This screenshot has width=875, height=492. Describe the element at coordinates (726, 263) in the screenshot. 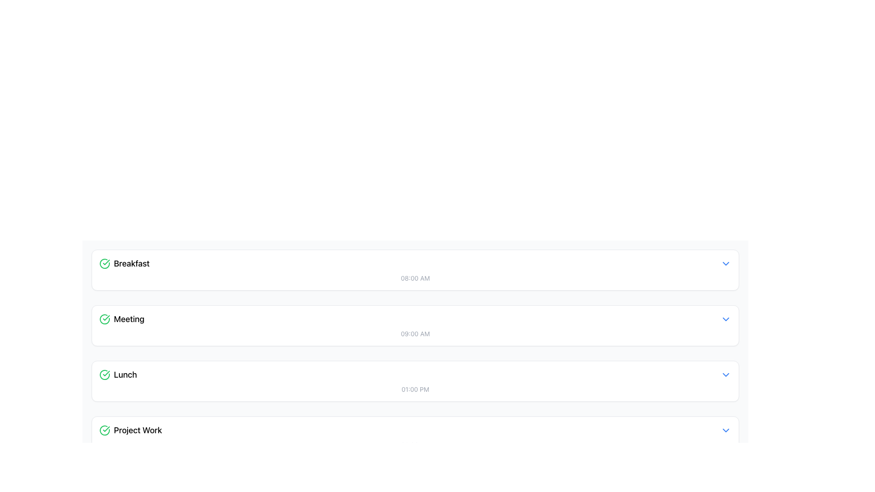

I see `the dropdown toggle button for the 'Breakfast' item` at that location.